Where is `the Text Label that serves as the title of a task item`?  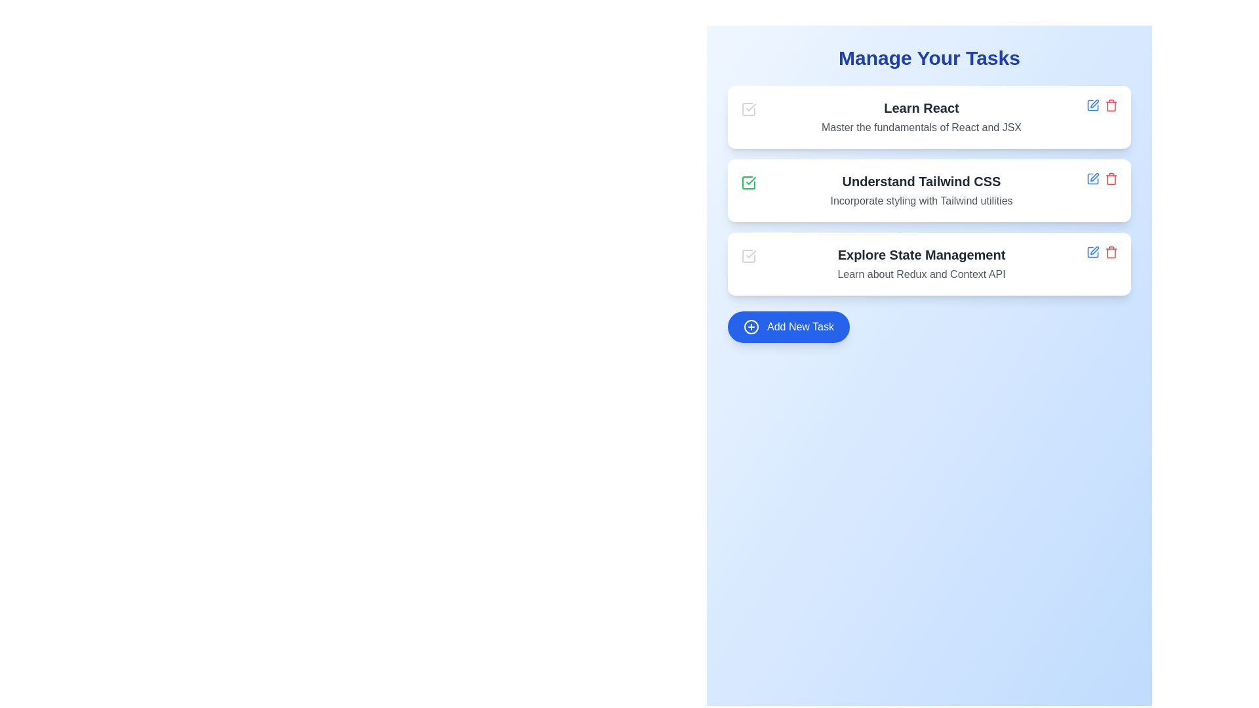 the Text Label that serves as the title of a task item is located at coordinates (921, 255).